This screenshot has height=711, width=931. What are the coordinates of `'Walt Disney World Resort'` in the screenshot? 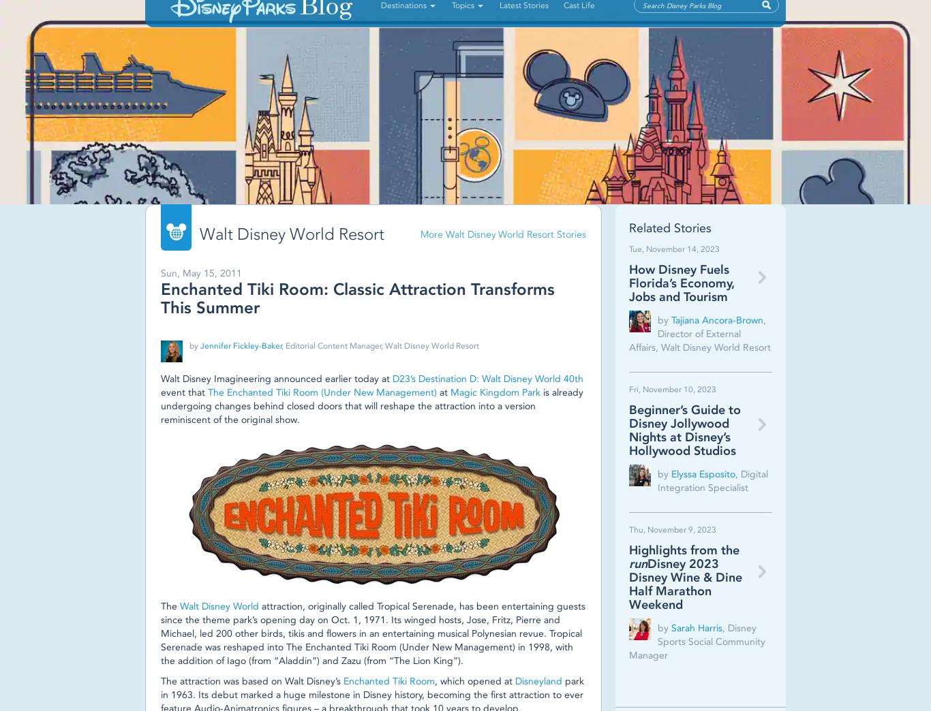 It's located at (291, 234).